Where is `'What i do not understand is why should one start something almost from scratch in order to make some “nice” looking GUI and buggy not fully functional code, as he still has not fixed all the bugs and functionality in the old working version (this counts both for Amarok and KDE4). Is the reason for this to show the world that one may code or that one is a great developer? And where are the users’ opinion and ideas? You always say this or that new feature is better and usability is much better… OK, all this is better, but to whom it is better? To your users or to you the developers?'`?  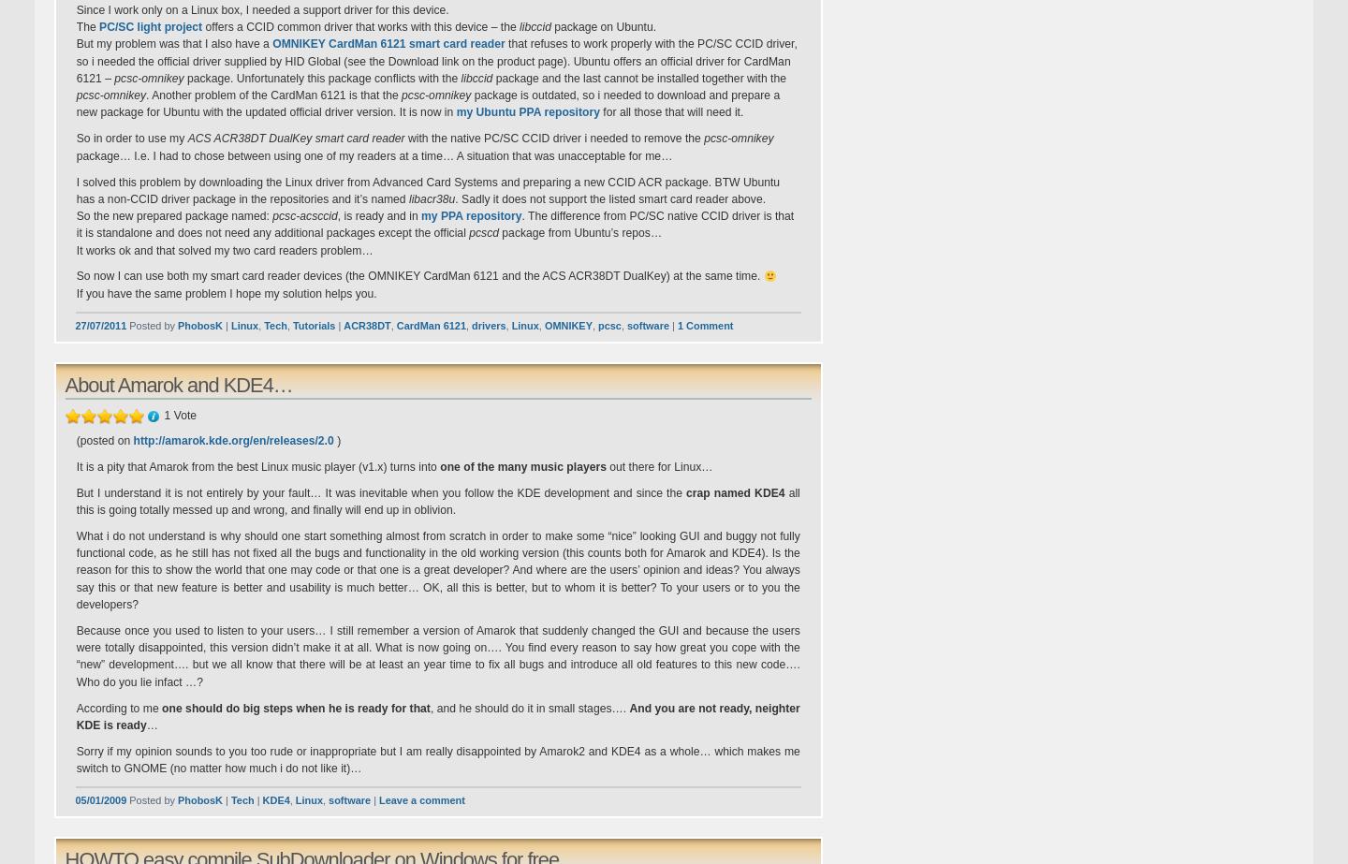 'What i do not understand is why should one start something almost from scratch in order to make some “nice” looking GUI and buggy not fully functional code, as he still has not fixed all the bugs and functionality in the old working version (this counts both for Amarok and KDE4). Is the reason for this to show the world that one may code or that one is a great developer? And where are the users’ opinion and ideas? You always say this or that new feature is better and usability is much better… OK, all this is better, but to whom it is better? To your users or to you the developers?' is located at coordinates (437, 568).